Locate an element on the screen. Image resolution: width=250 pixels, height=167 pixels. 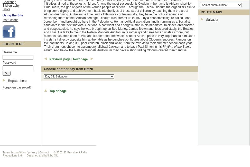
'© 2002-22
  Prominent Palin Productions Ltd.' is located at coordinates (3, 154).